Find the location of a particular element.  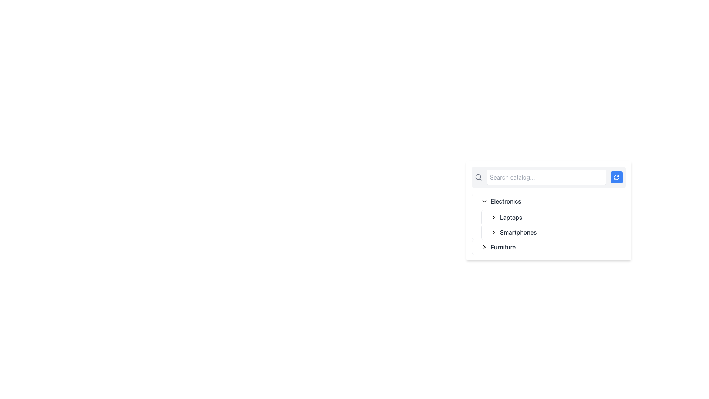

the 'Furniture' button in the navigation list is located at coordinates (552, 247).